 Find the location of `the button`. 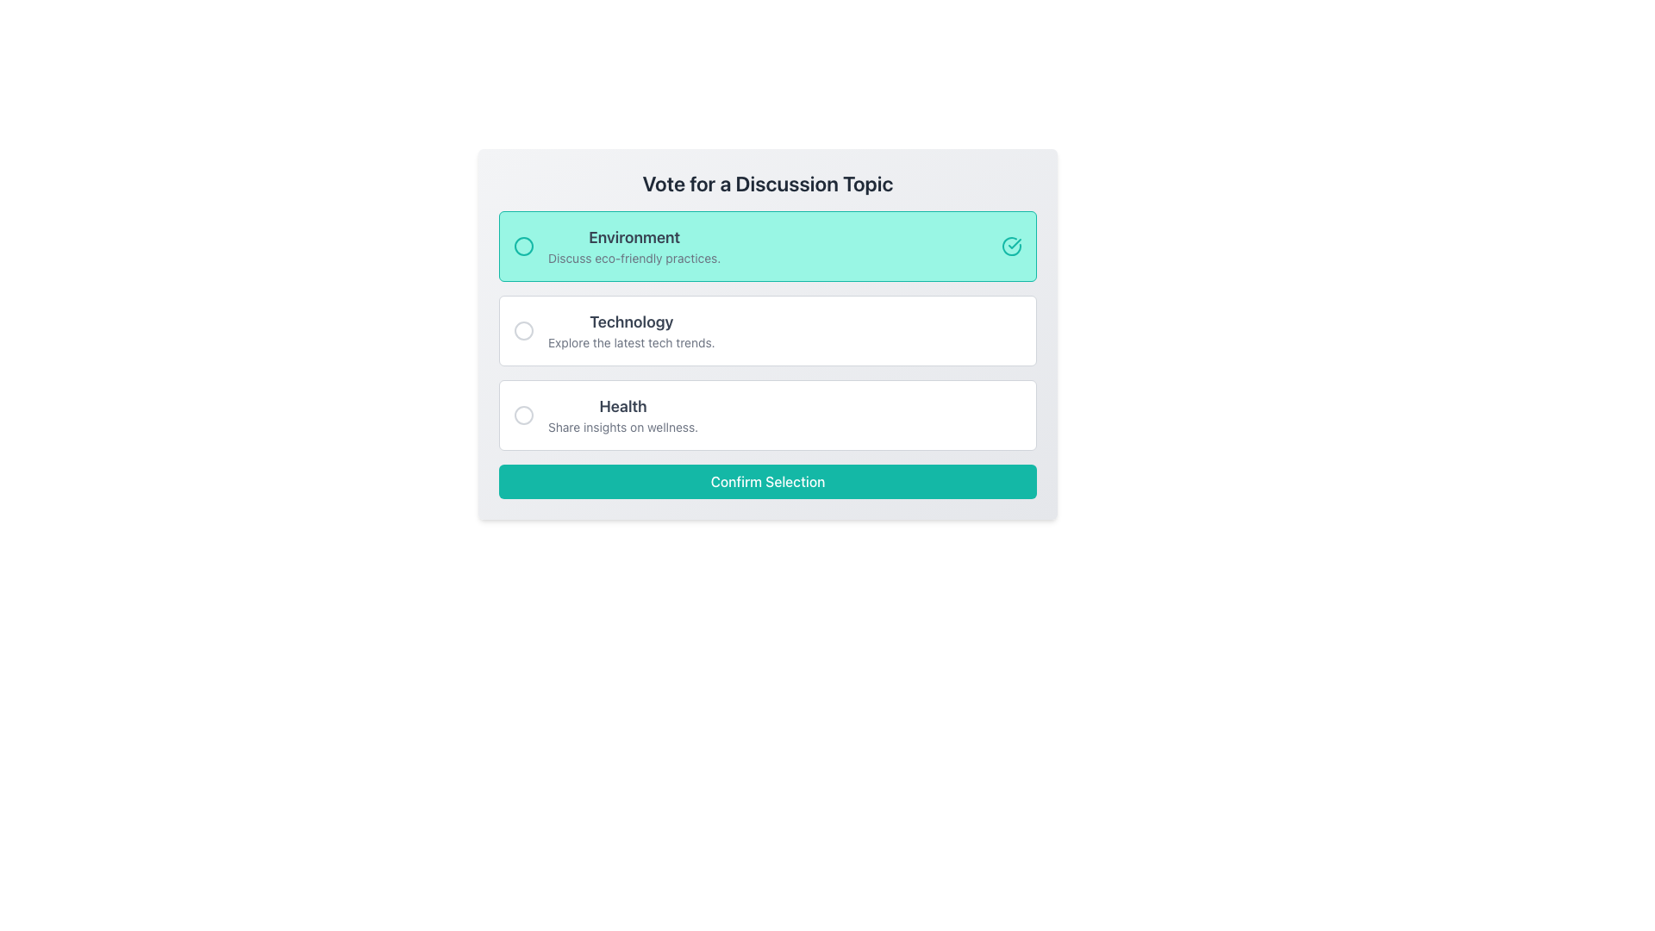

the button is located at coordinates (523, 246).